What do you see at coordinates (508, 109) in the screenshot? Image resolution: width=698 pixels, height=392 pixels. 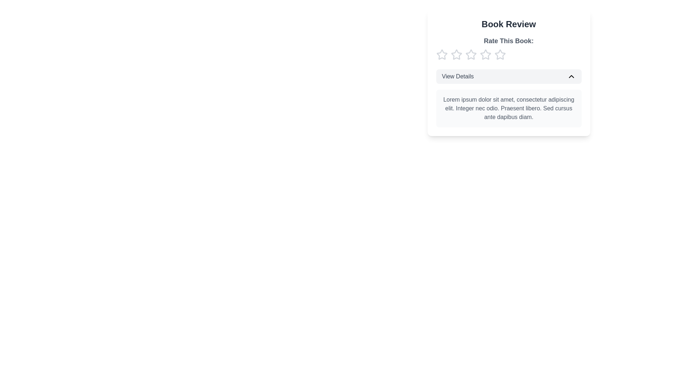 I see `the text block that displays description or placeholder content located beneath the 'View Details' button in the 'Book Review' section` at bounding box center [508, 109].